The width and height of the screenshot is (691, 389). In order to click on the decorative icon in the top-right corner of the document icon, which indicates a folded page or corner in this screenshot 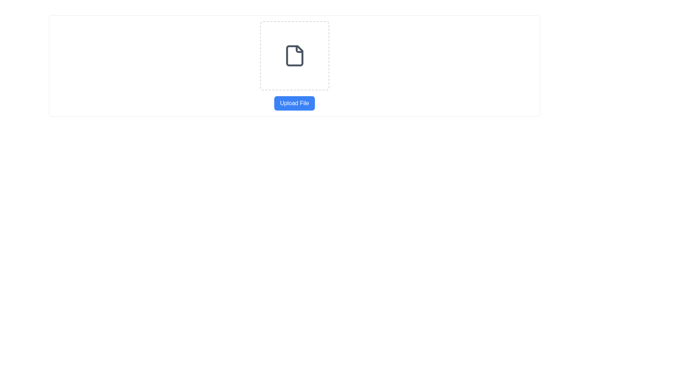, I will do `click(299, 49)`.